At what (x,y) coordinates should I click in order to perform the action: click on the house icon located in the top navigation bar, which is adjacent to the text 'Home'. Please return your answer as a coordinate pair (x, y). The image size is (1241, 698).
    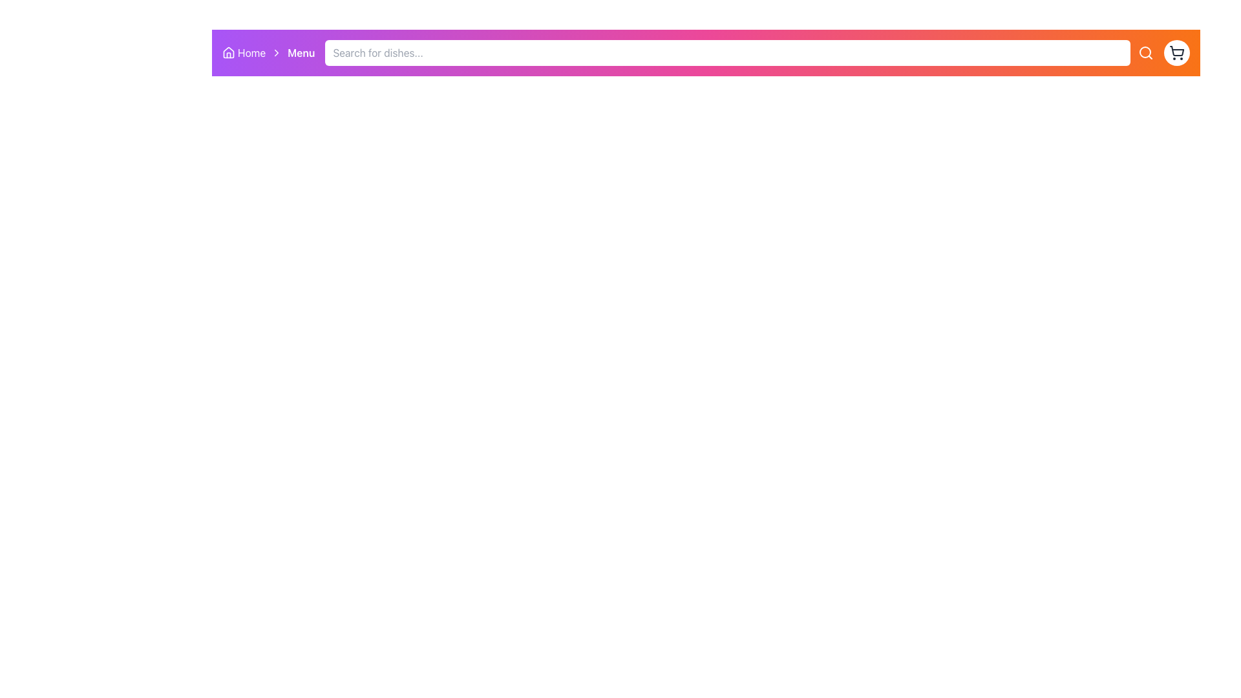
    Looking at the image, I should click on (229, 52).